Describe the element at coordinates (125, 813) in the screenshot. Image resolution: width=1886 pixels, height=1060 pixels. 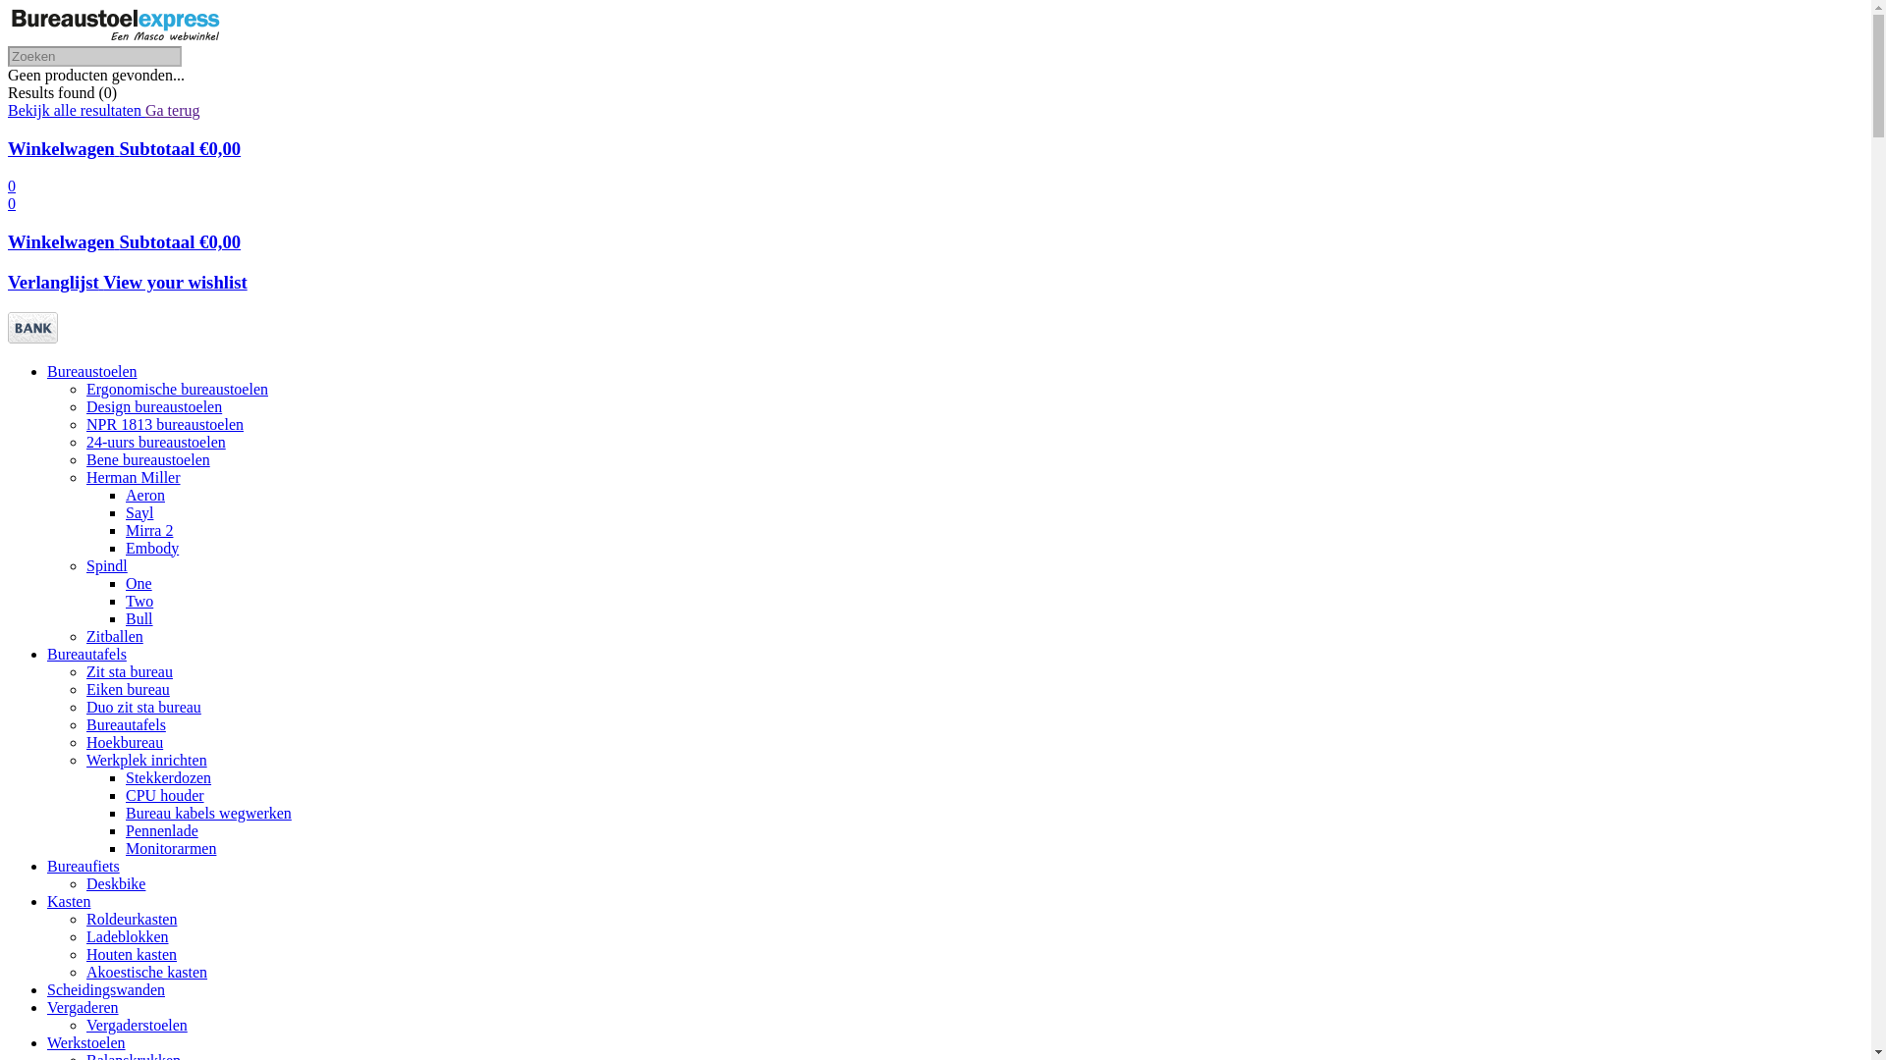
I see `'Bureau kabels wegwerken'` at that location.